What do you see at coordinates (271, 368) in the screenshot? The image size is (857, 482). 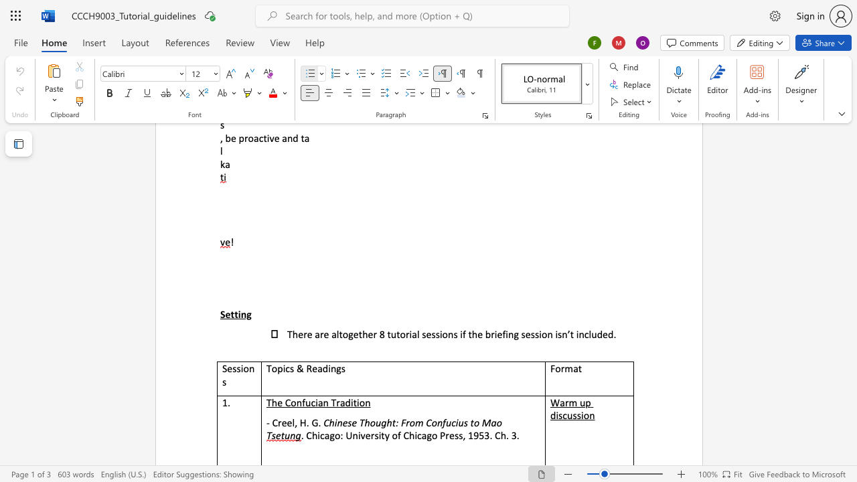 I see `the space between the continuous character "T" and "o" in the text` at bounding box center [271, 368].